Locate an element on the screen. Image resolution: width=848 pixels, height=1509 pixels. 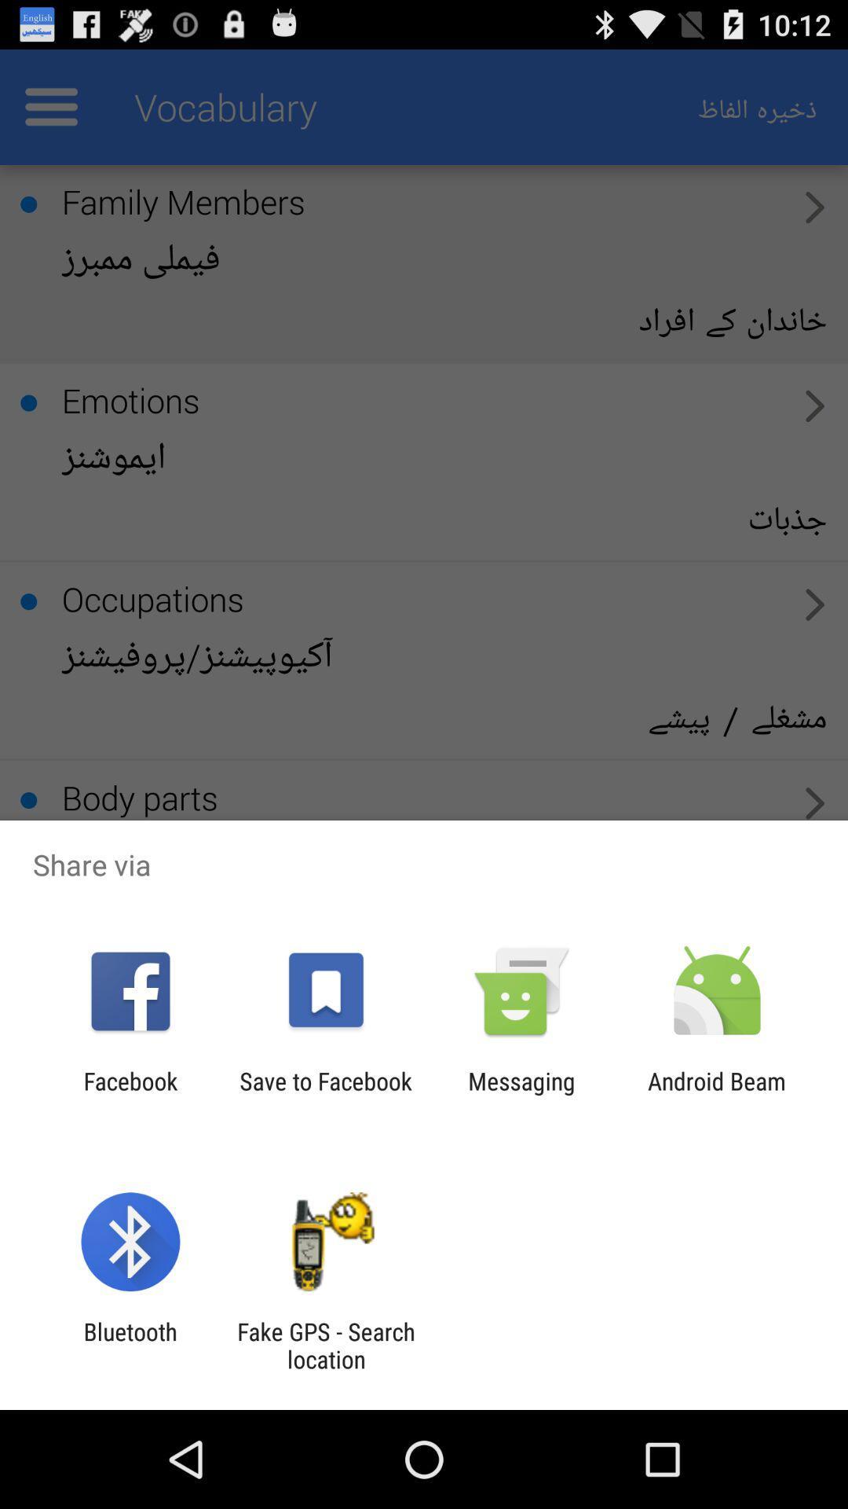
the icon to the right of the save to facebook is located at coordinates (521, 1094).